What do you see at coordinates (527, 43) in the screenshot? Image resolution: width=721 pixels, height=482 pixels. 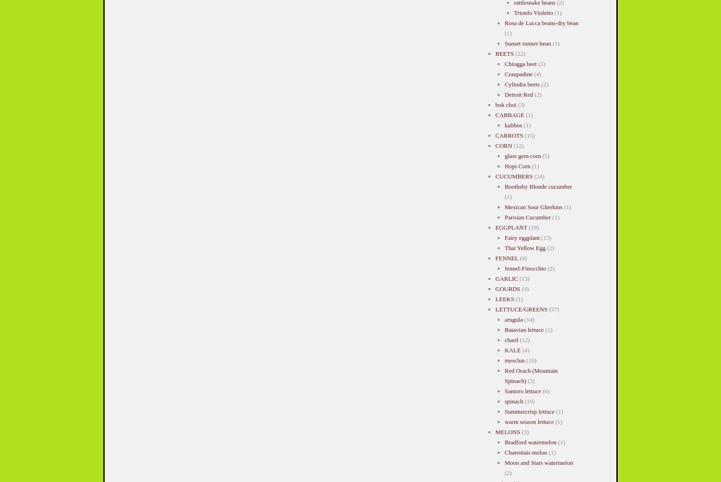 I see `'Sunset runner bean'` at bounding box center [527, 43].